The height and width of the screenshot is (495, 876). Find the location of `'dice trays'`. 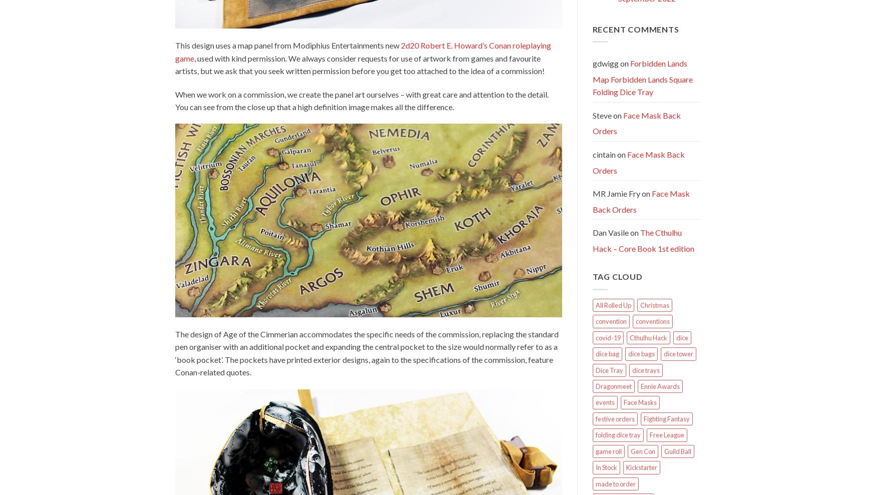

'dice trays' is located at coordinates (645, 369).